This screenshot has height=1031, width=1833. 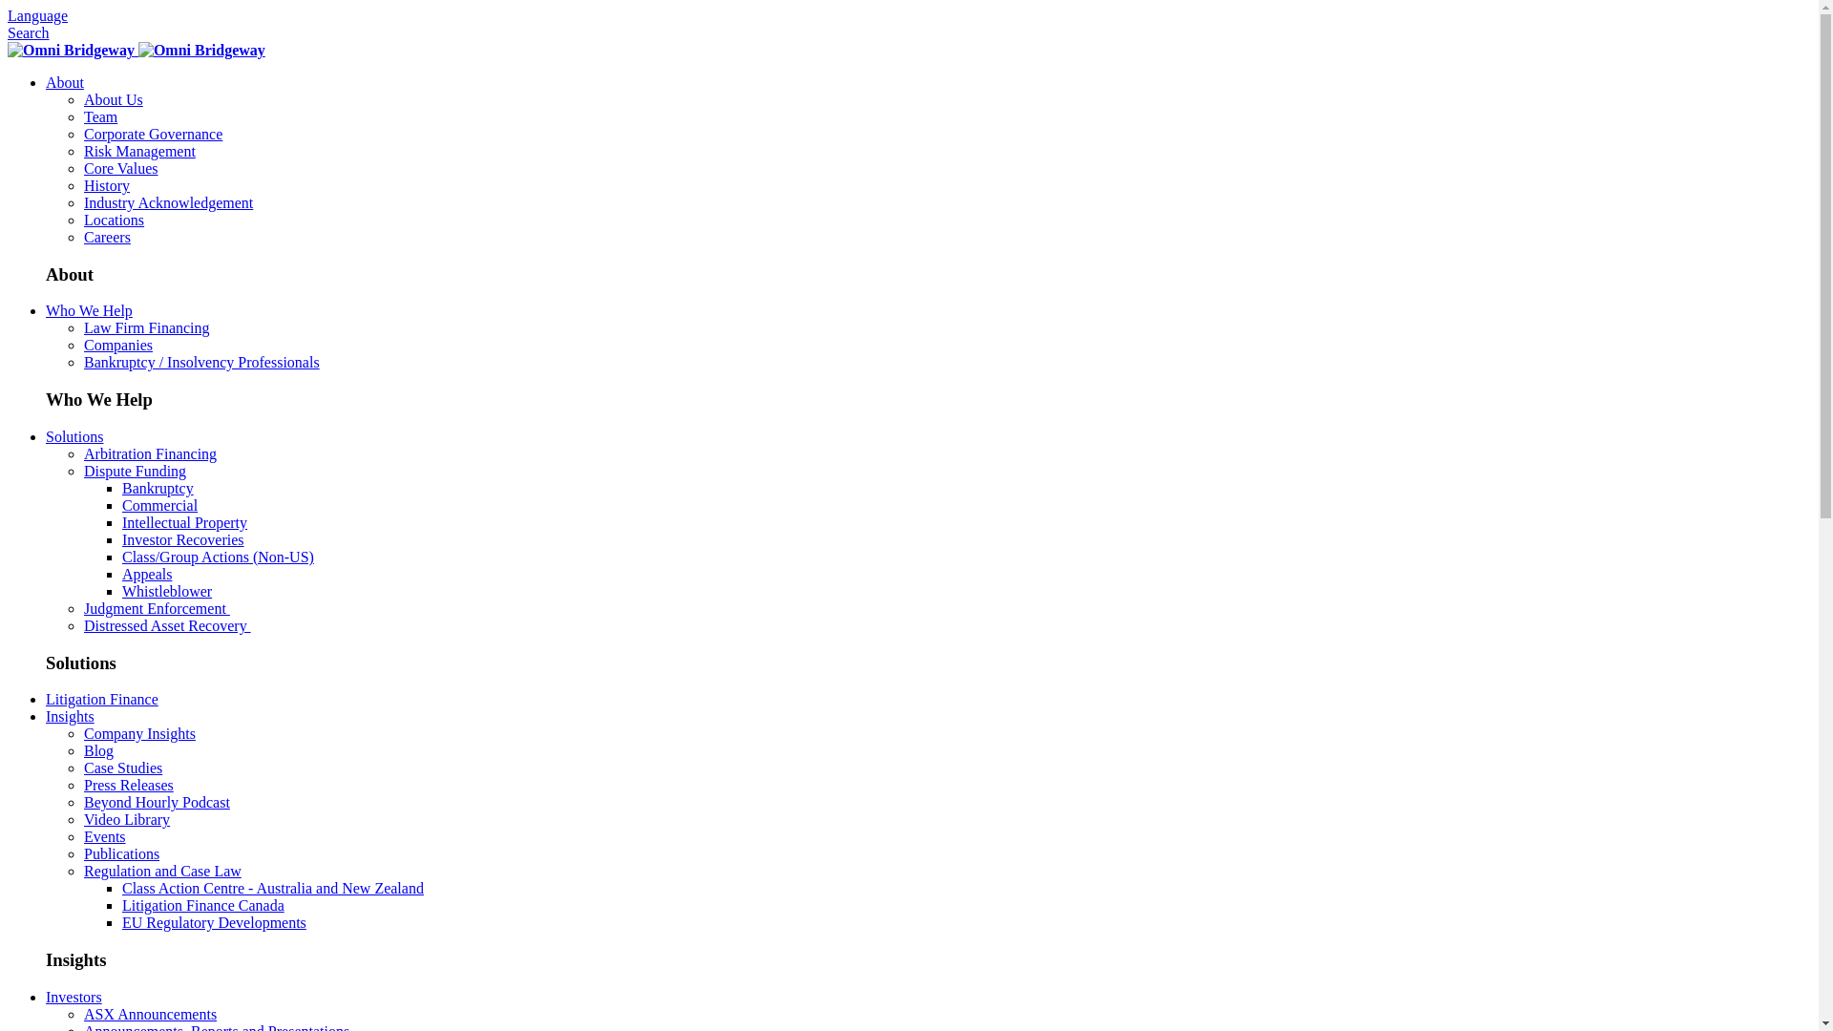 What do you see at coordinates (138, 732) in the screenshot?
I see `'Company Insights'` at bounding box center [138, 732].